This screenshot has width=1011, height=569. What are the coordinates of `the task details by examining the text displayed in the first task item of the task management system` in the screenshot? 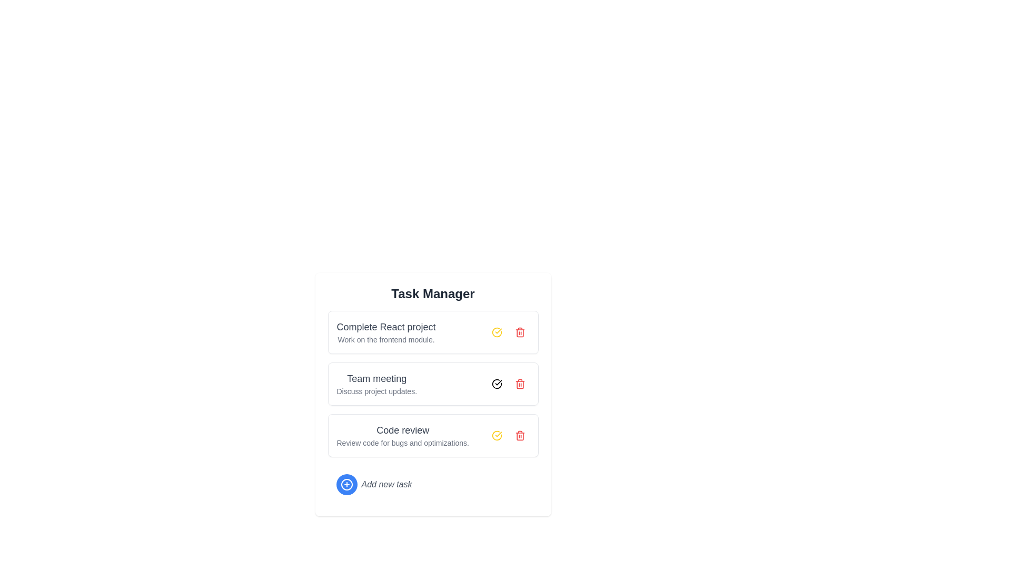 It's located at (385, 332).